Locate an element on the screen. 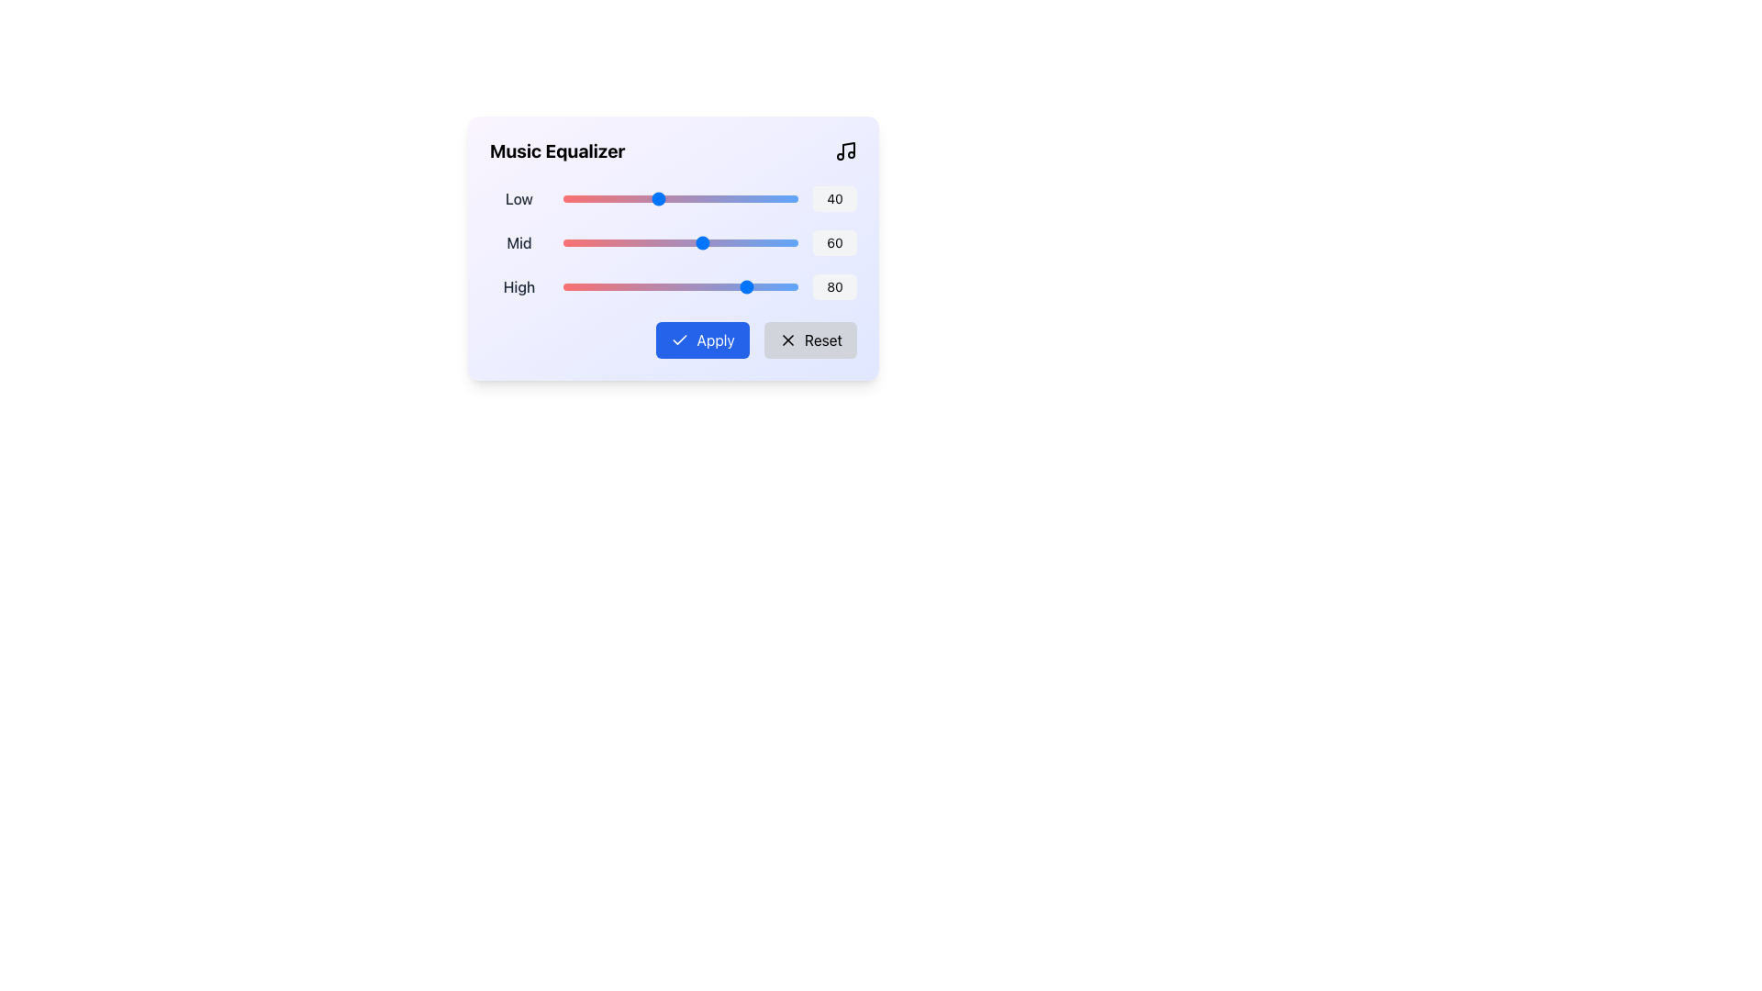  the 'Mid' equalizer slider is located at coordinates (722, 242).